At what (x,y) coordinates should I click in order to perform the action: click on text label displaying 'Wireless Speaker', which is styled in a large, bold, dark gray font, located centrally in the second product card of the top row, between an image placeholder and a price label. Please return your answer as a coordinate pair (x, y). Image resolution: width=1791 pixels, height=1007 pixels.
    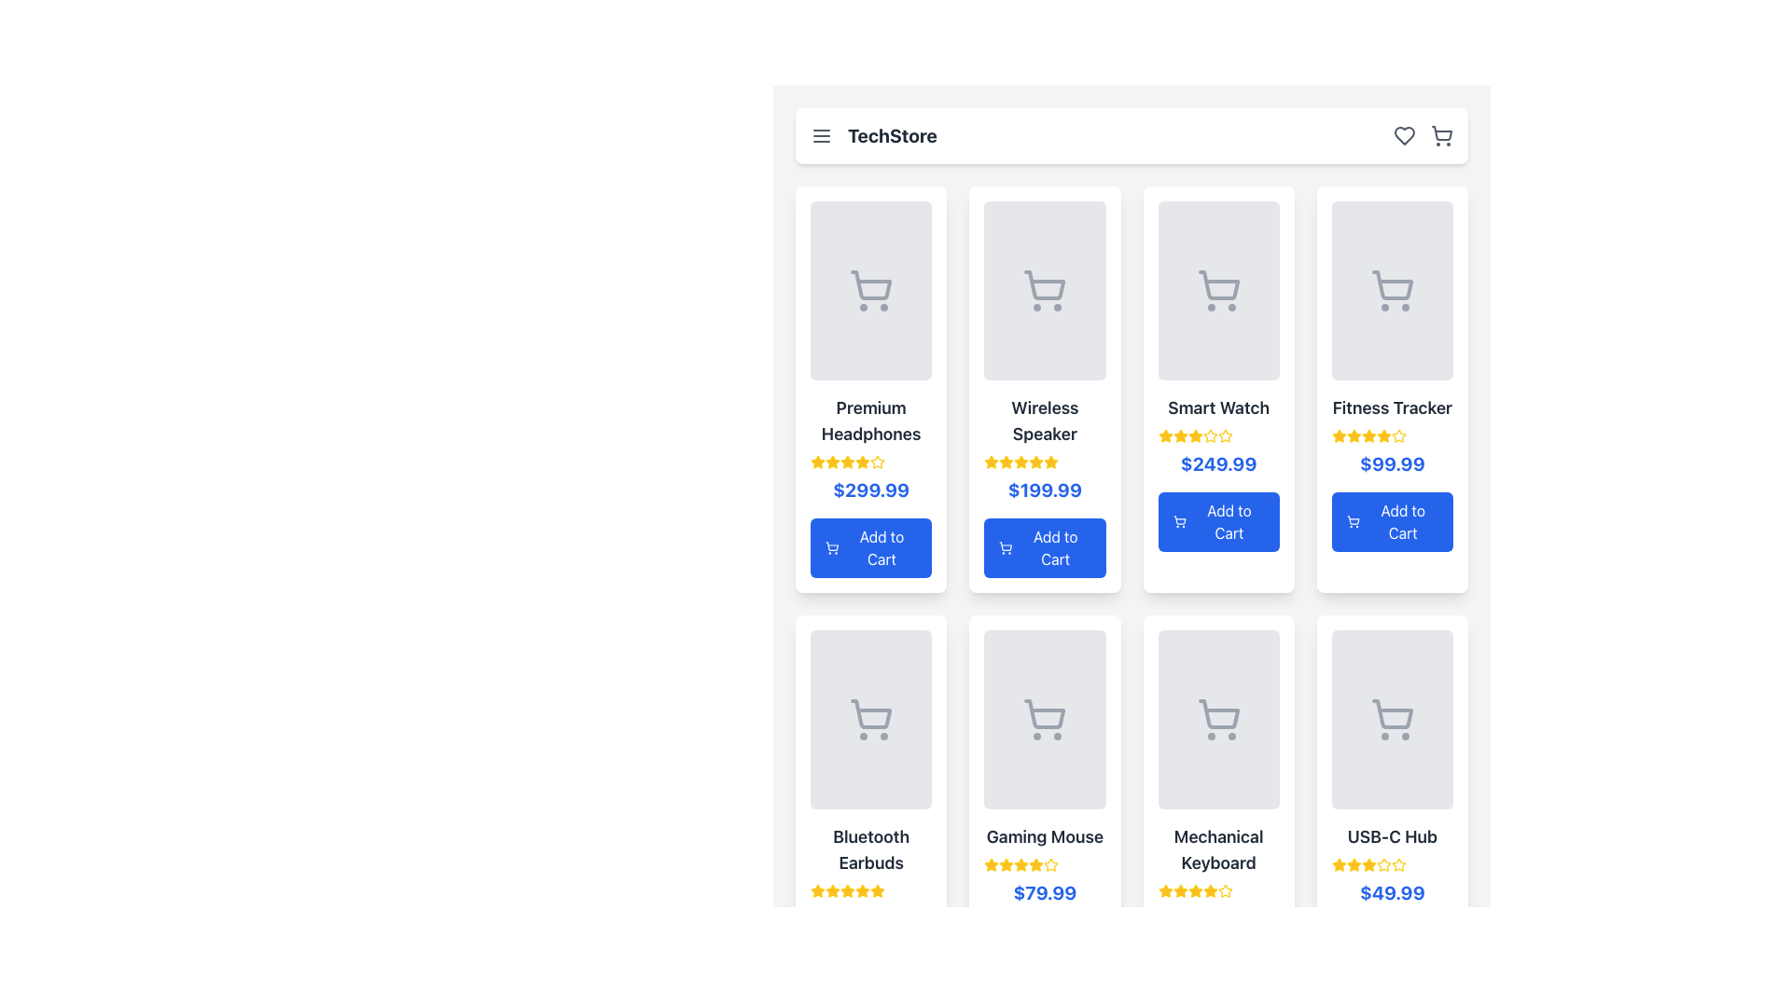
    Looking at the image, I should click on (1045, 421).